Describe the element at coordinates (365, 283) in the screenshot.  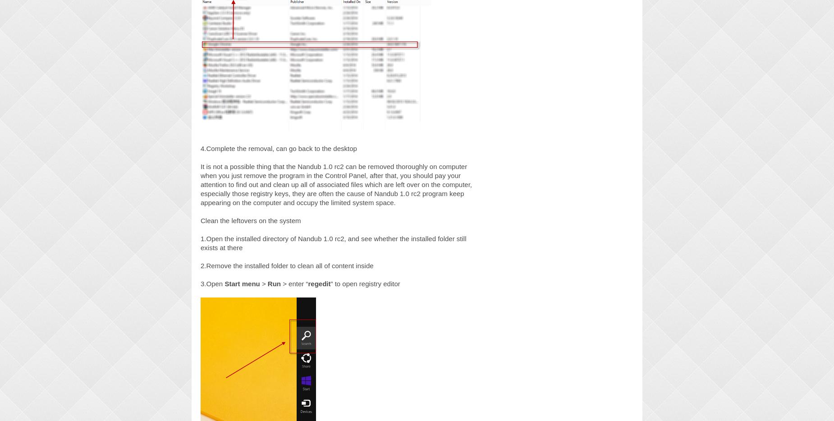
I see `'” to open registry editor'` at that location.